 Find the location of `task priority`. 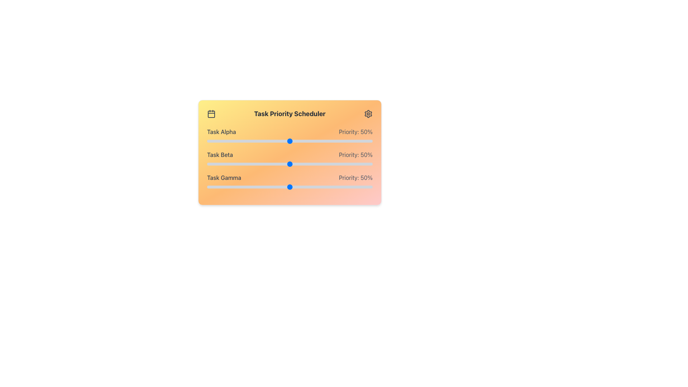

task priority is located at coordinates (358, 141).